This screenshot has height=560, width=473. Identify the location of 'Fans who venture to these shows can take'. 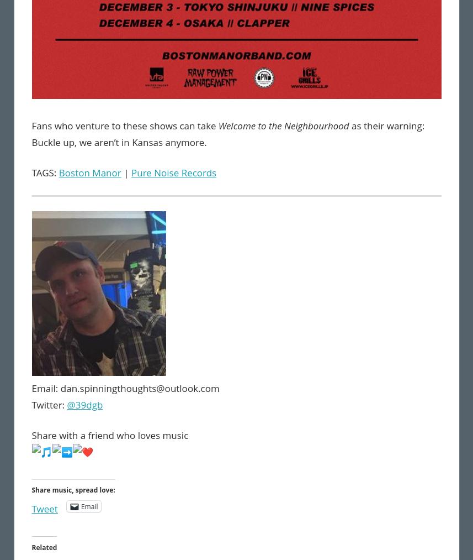
(124, 124).